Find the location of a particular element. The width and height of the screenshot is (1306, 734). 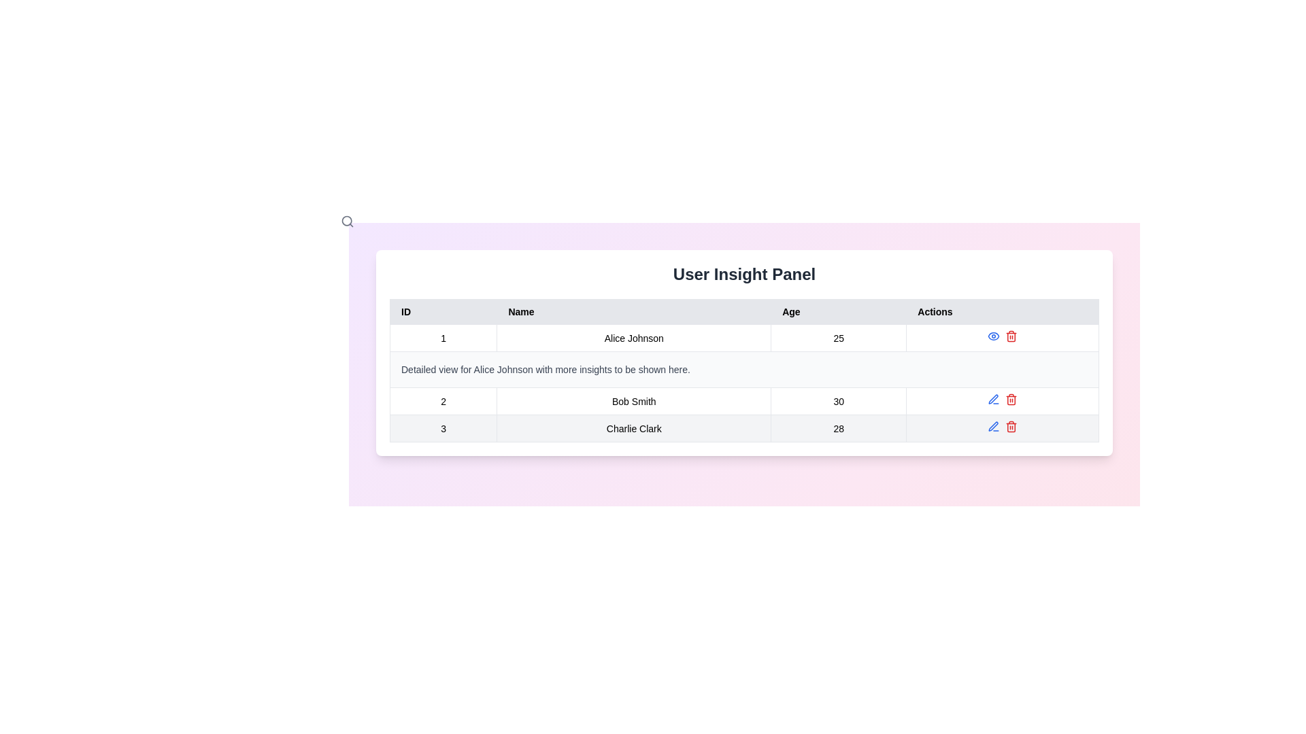

the trash icon in the 'Actions' column for the row corresponding to 'Alice Johnson', which visually represents a delete action is located at coordinates (1011, 336).